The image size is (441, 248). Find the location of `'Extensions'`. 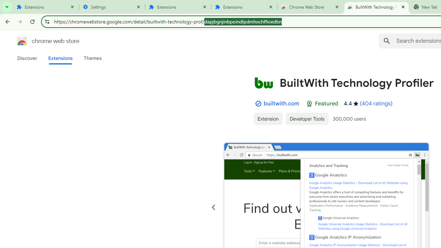

'Extensions' is located at coordinates (45, 7).